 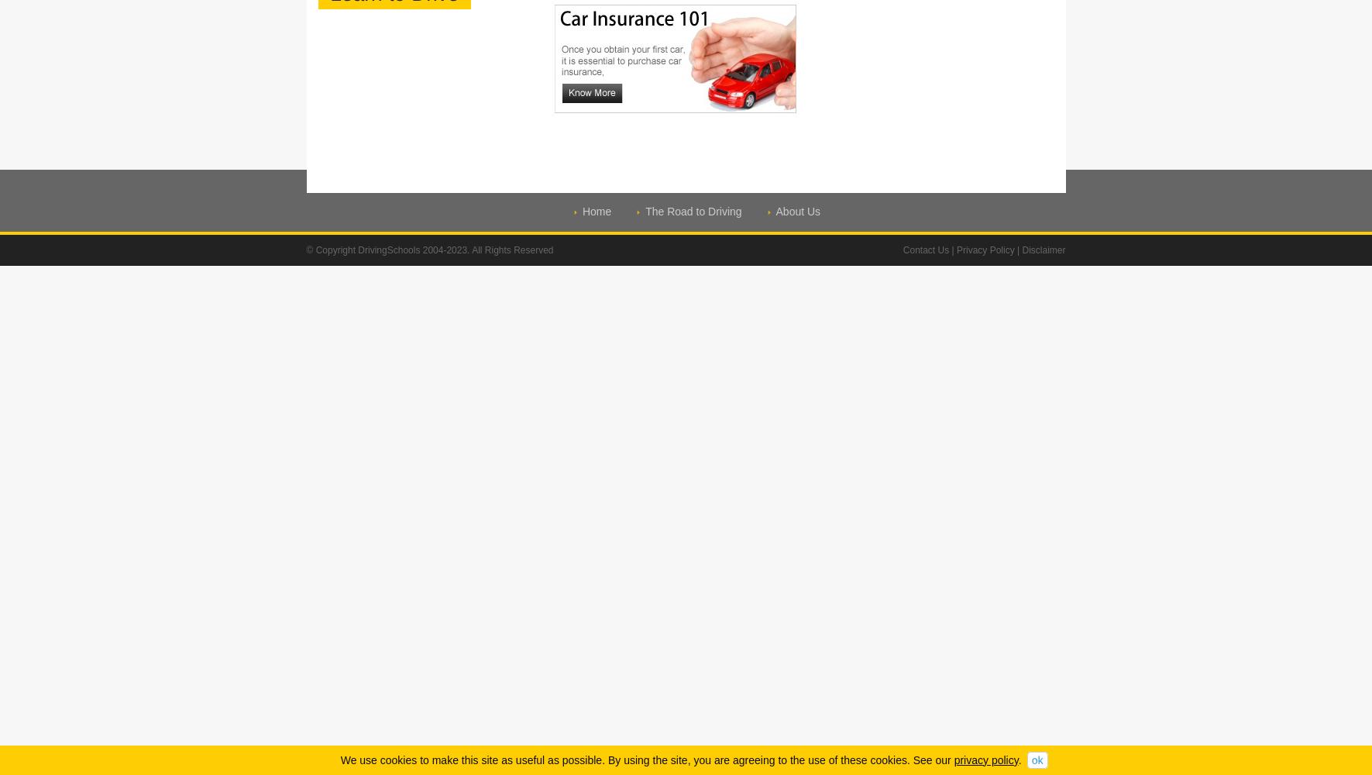 What do you see at coordinates (693, 212) in the screenshot?
I see `'The Road to Driving'` at bounding box center [693, 212].